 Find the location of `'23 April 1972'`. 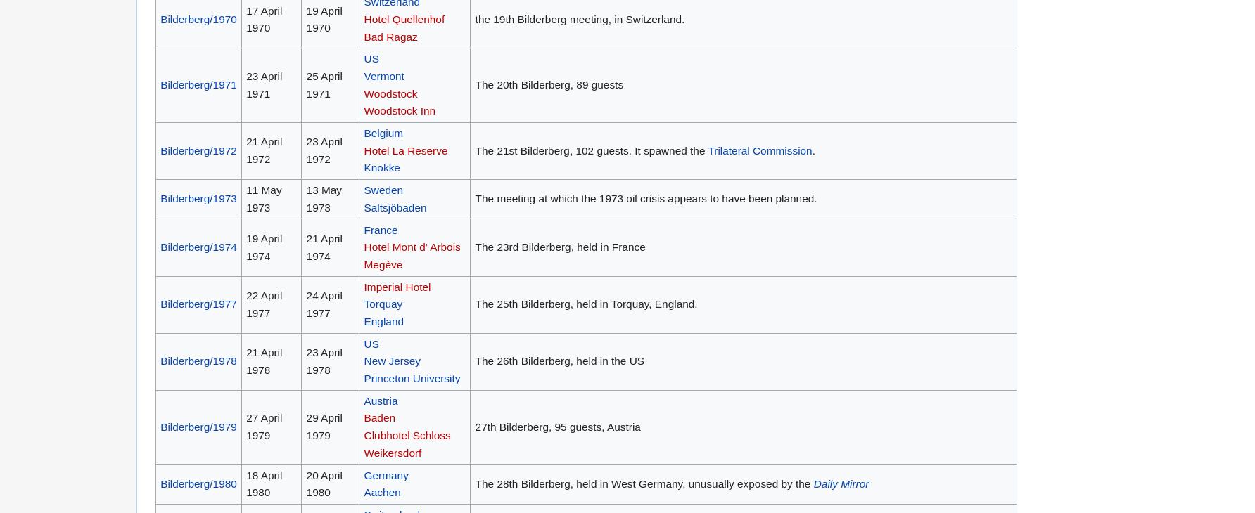

'23 April 1972' is located at coordinates (324, 150).